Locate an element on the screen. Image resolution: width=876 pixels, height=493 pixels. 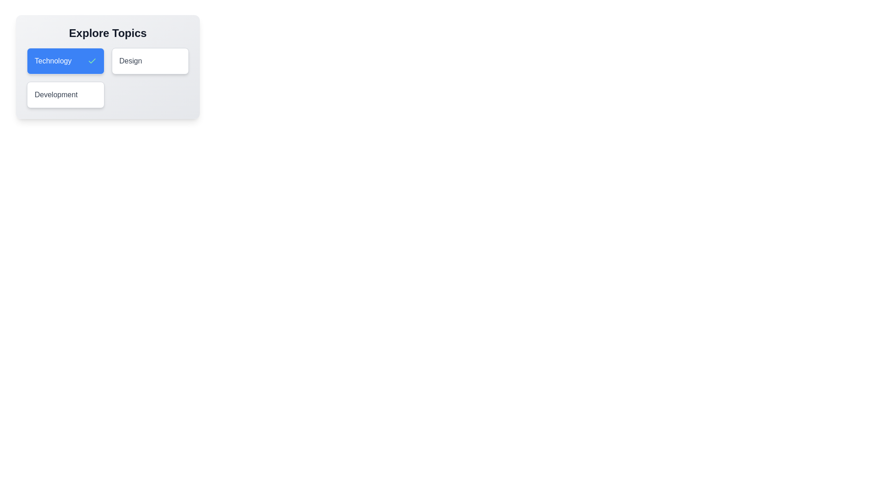
the tag Design is located at coordinates (150, 61).